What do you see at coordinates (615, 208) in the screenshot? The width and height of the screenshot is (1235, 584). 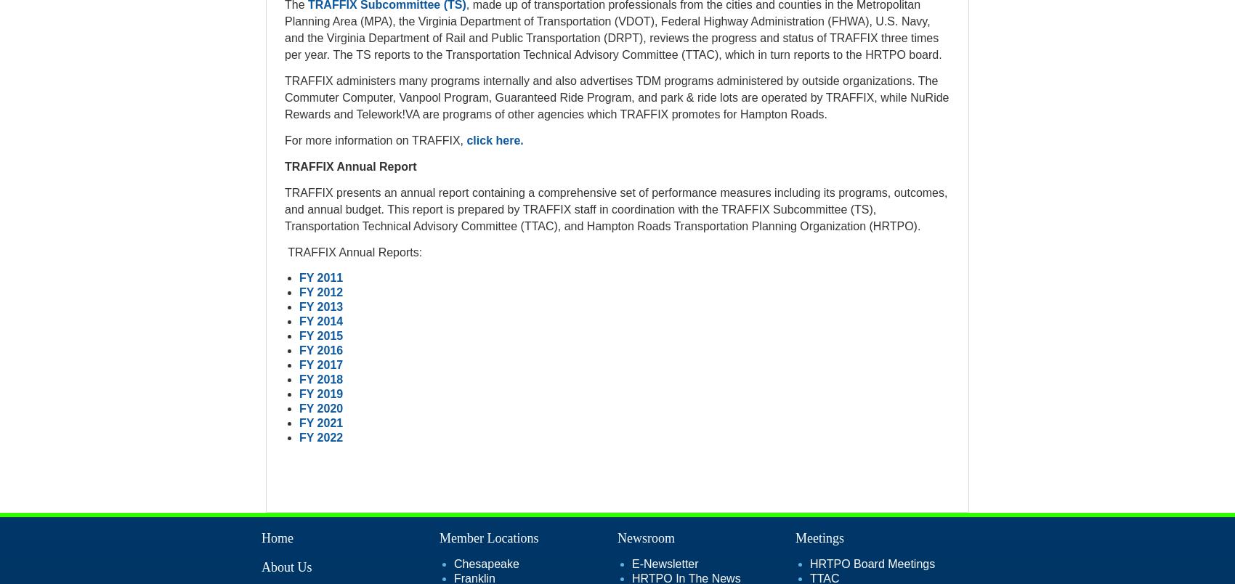 I see `'TRAFFIX presents an annual report containing a comprehensive set of performance measures including its programs, outcomes, and annual budget. This report is prepared by TRAFFIX staff in coordination with the TRAFFIX Subcommittee (TS), Transportation Technical Advisory Committee (TTAC), and Hampton Roads Transportation Planning Organization (HRTPO).'` at bounding box center [615, 208].